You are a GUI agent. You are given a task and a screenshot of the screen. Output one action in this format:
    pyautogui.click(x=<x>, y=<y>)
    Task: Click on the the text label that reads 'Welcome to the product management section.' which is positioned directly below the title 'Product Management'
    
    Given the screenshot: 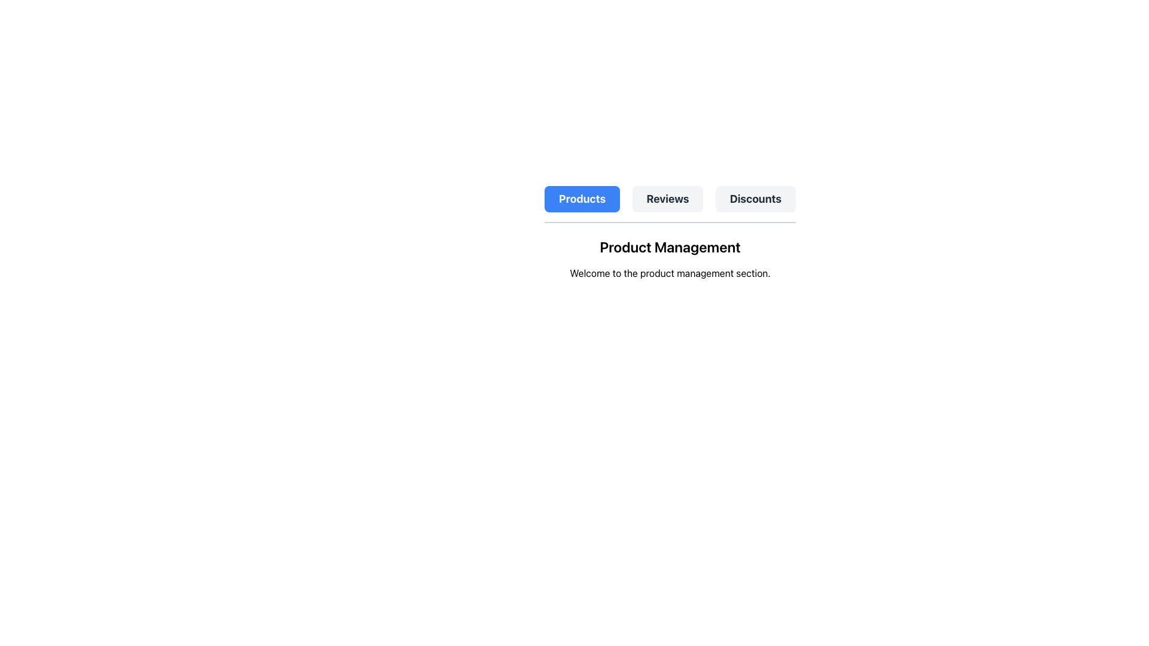 What is the action you would take?
    pyautogui.click(x=669, y=273)
    